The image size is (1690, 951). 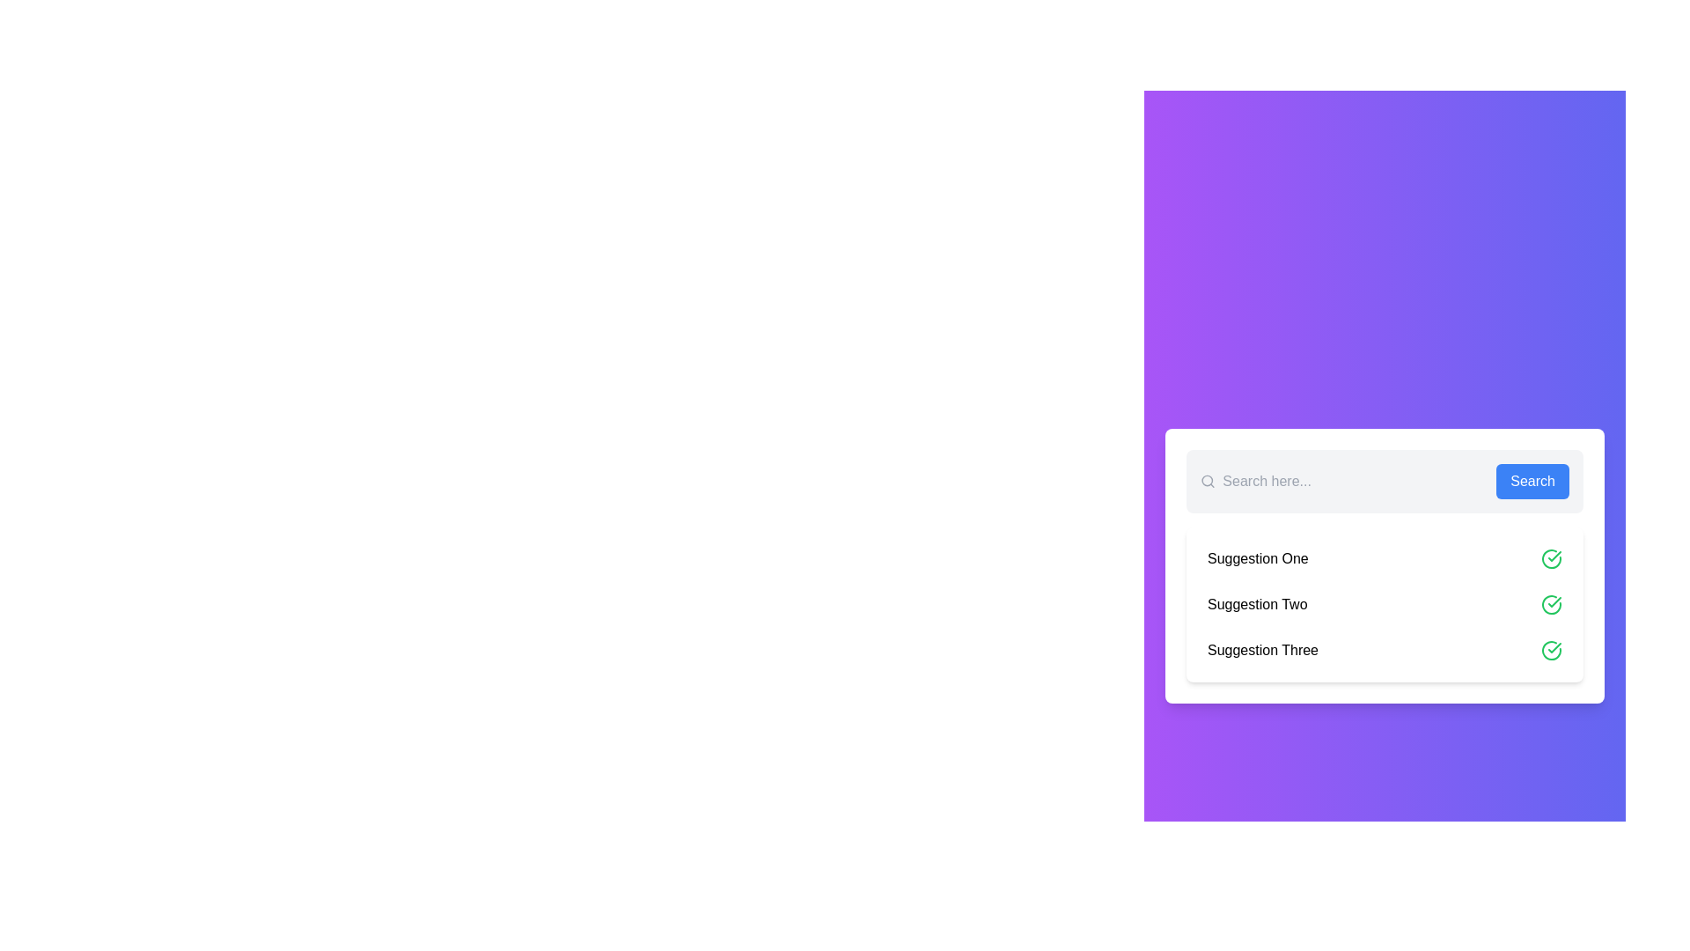 What do you see at coordinates (1532, 482) in the screenshot?
I see `the confirmation button located at the far right of the search bar to initiate a search based on the entered text` at bounding box center [1532, 482].